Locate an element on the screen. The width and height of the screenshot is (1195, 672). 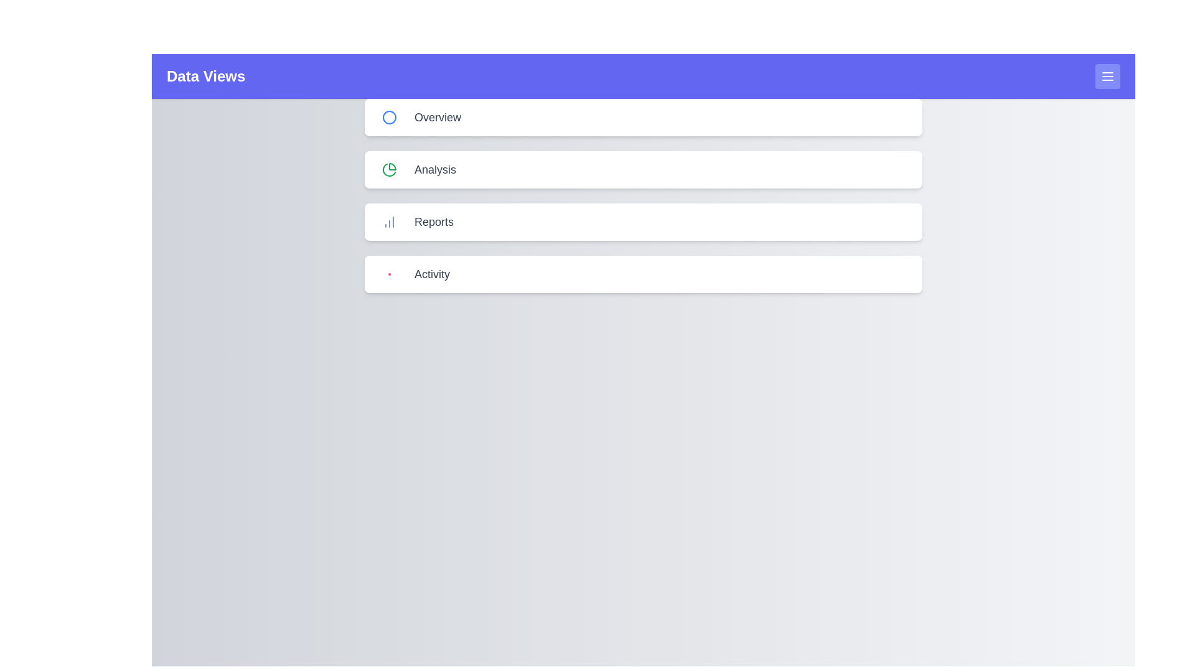
menu button in the header to toggle the side menu is located at coordinates (1108, 77).